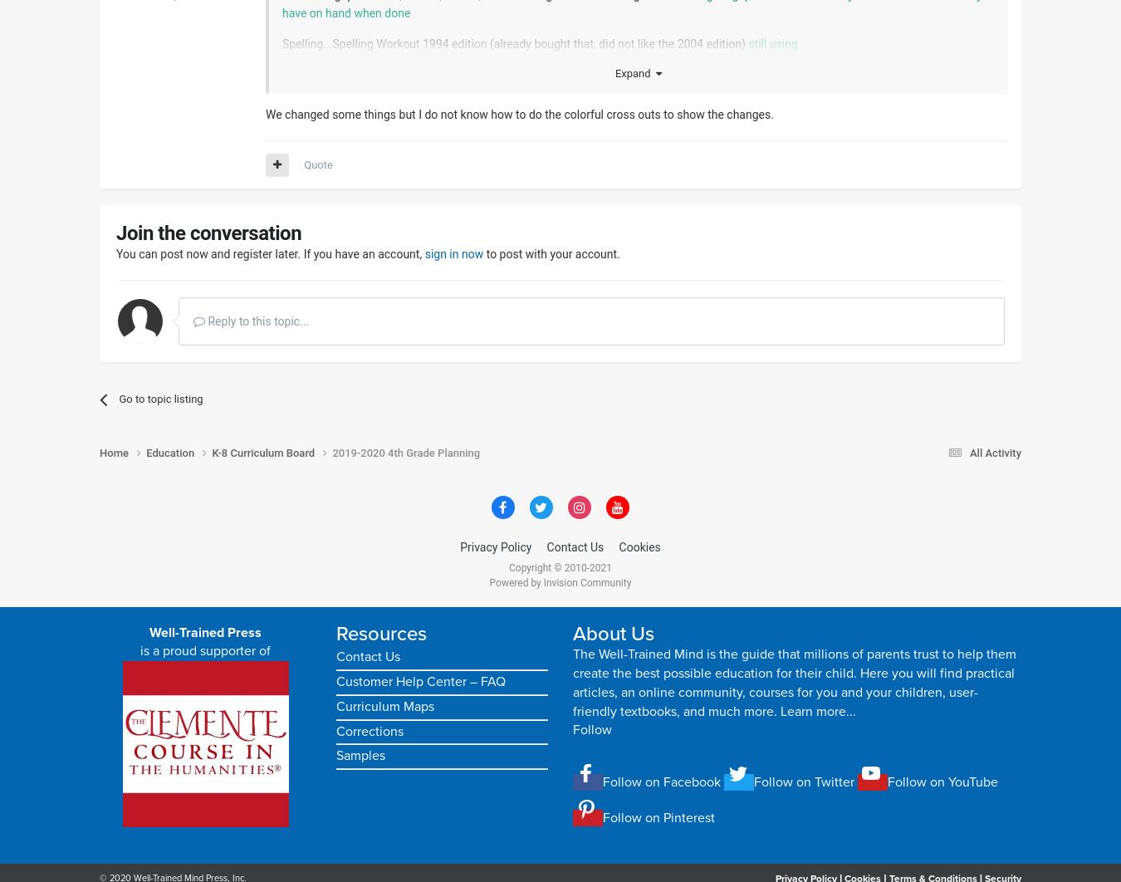  I want to click on 'Expand', so click(613, 72).